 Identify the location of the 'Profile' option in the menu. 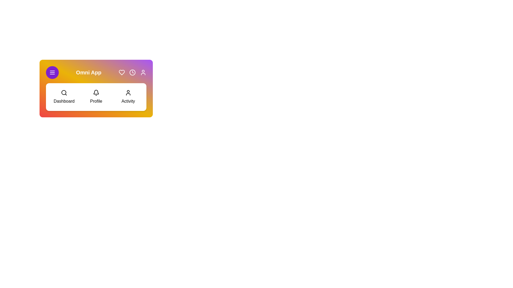
(96, 97).